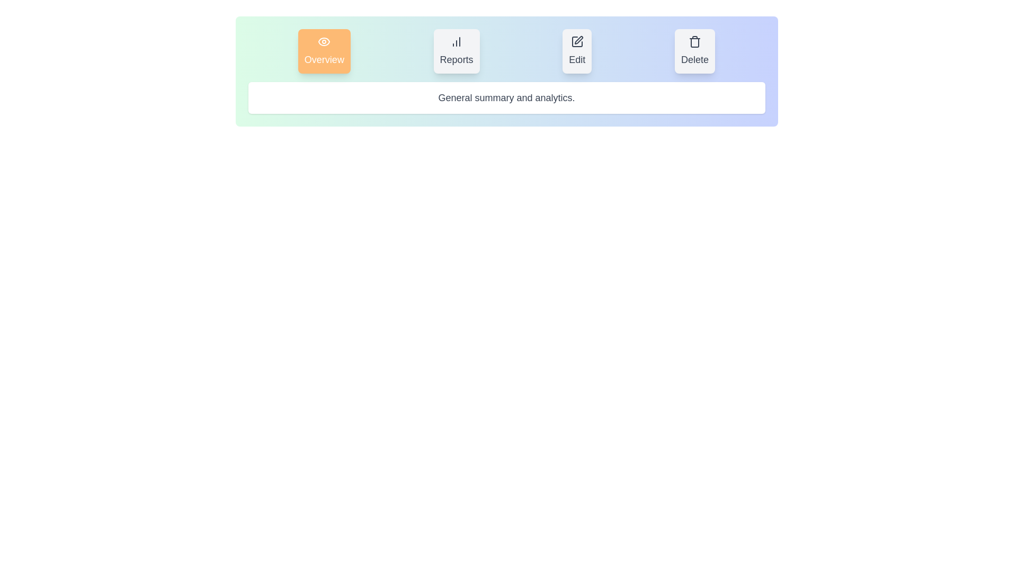 The image size is (1017, 572). I want to click on the button labeled Edit to observe its hover effect, so click(576, 51).